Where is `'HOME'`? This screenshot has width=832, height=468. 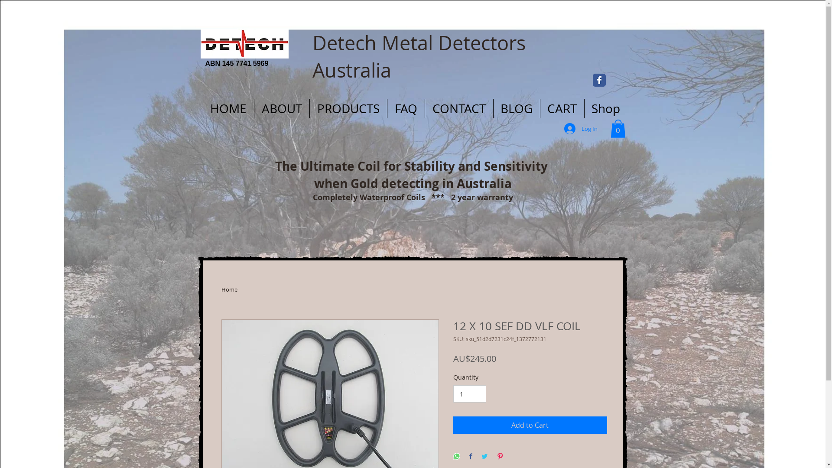 'HOME' is located at coordinates (228, 108).